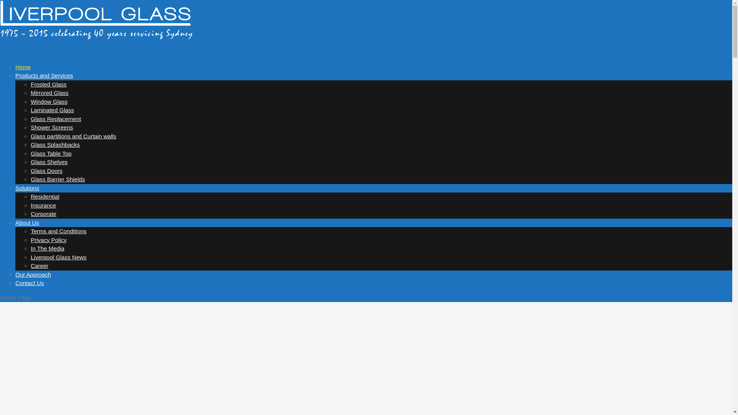  I want to click on 'Laminated Glass', so click(52, 110).